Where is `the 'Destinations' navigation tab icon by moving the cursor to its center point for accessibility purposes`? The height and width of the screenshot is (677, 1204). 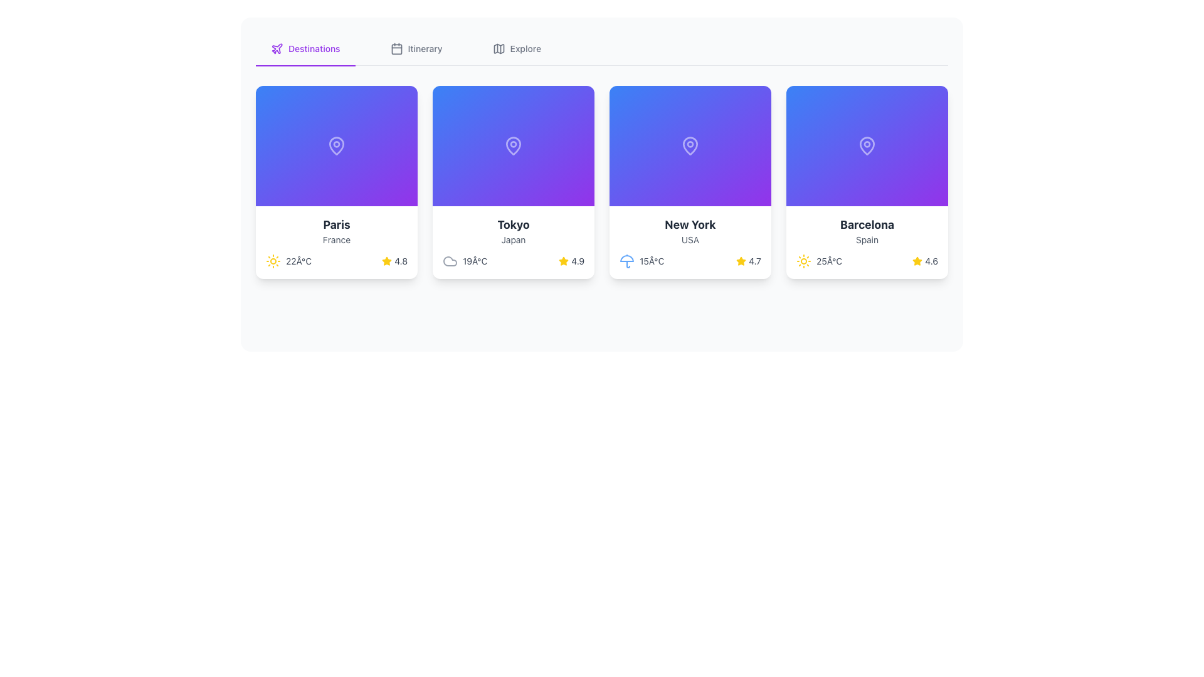
the 'Destinations' navigation tab icon by moving the cursor to its center point for accessibility purposes is located at coordinates (276, 48).